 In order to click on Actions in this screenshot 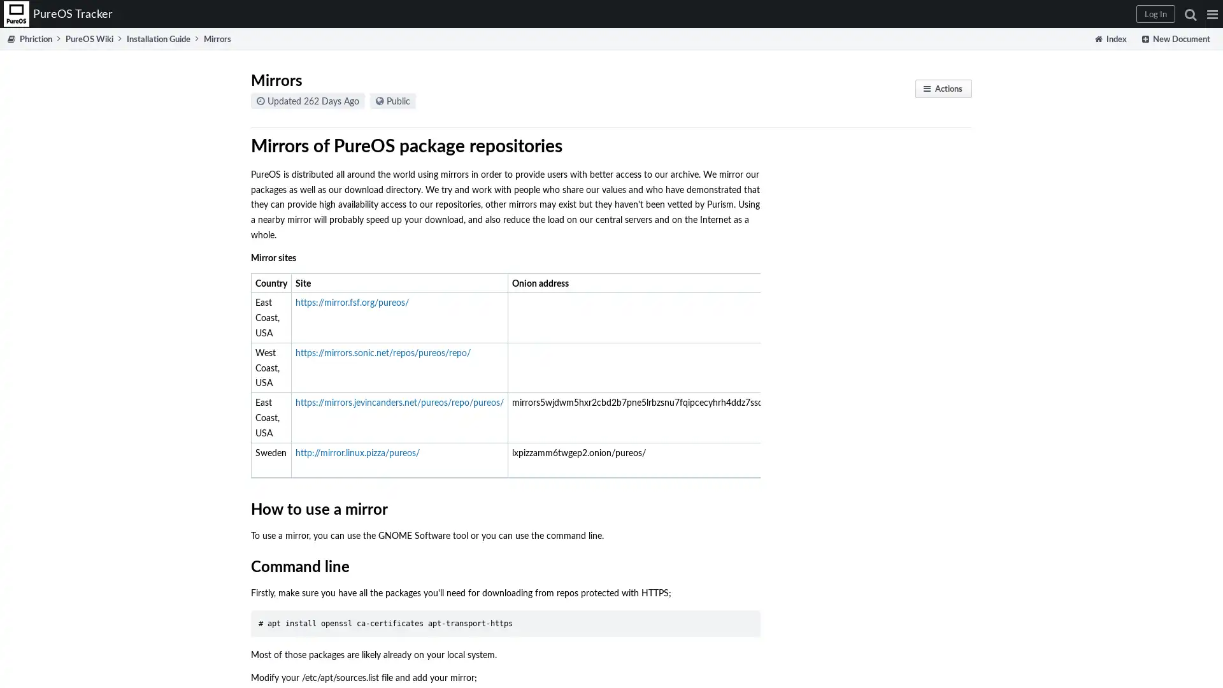, I will do `click(943, 88)`.